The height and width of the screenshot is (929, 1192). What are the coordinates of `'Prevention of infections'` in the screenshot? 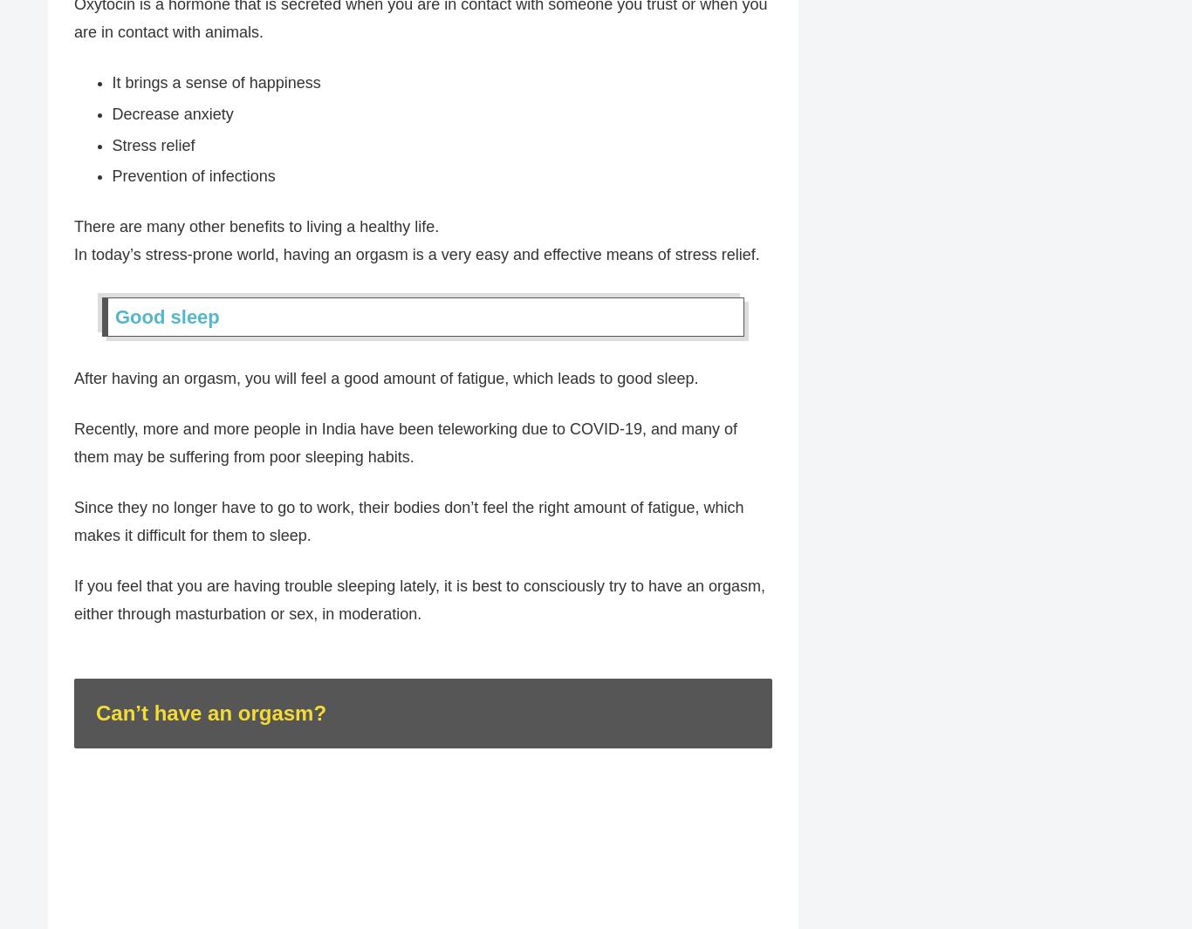 It's located at (192, 176).